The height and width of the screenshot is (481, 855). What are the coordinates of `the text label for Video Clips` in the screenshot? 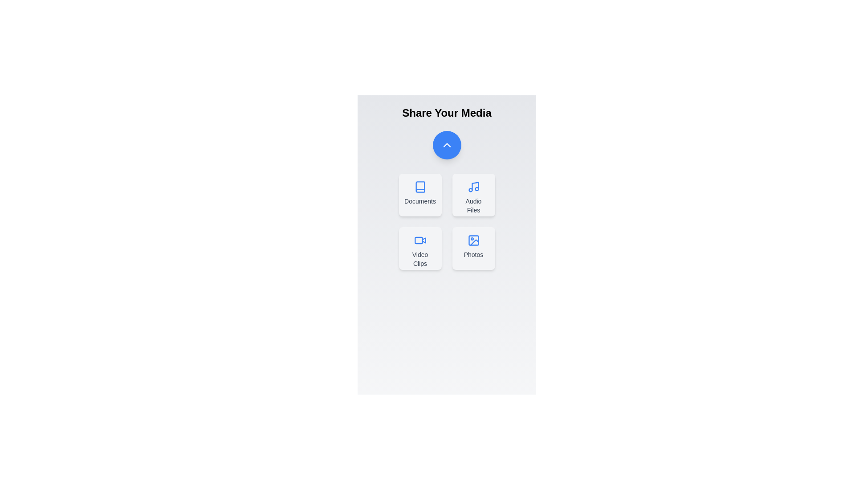 It's located at (419, 259).